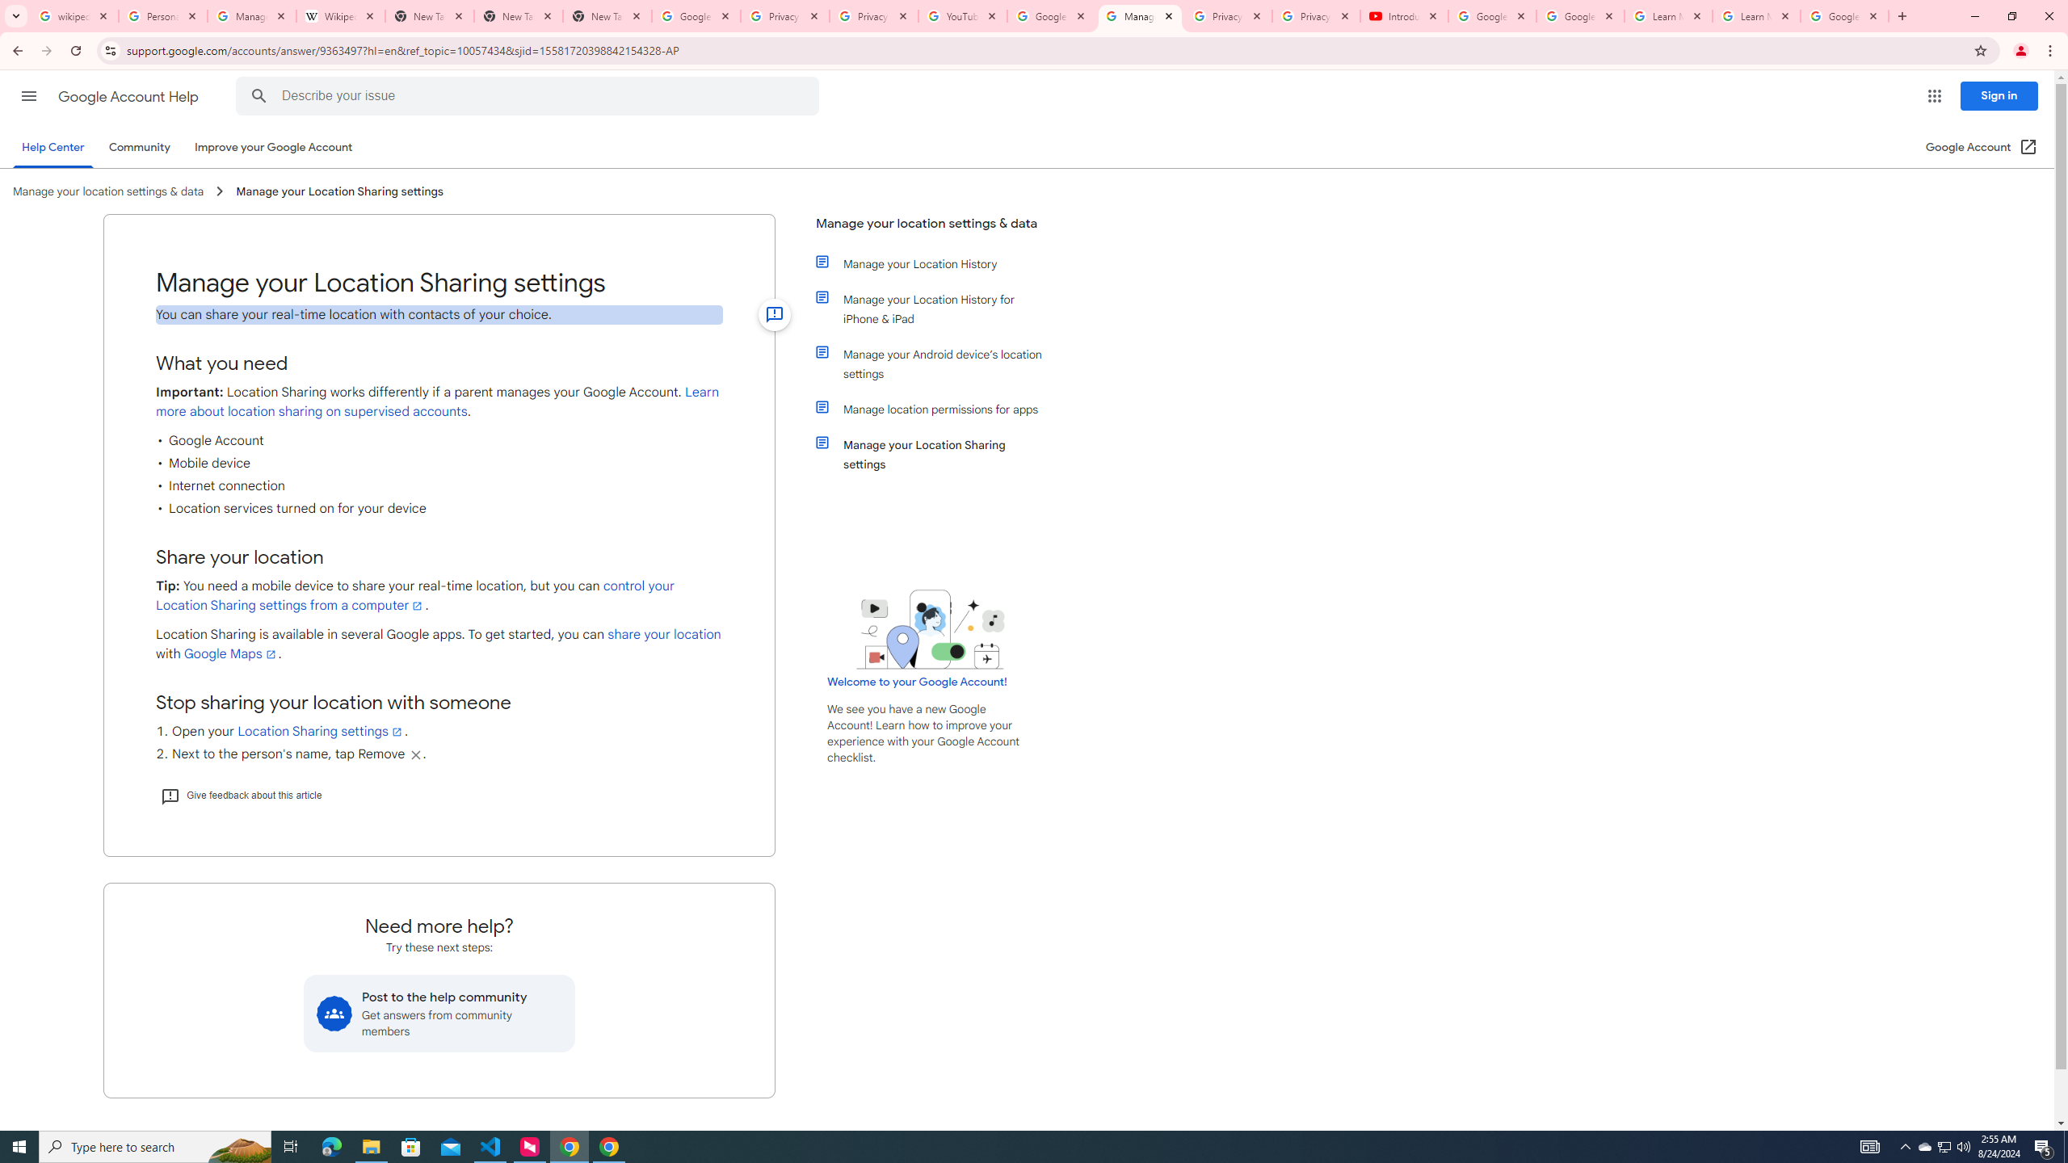 This screenshot has height=1163, width=2068. What do you see at coordinates (939, 408) in the screenshot?
I see `'Manage location permissions for apps'` at bounding box center [939, 408].